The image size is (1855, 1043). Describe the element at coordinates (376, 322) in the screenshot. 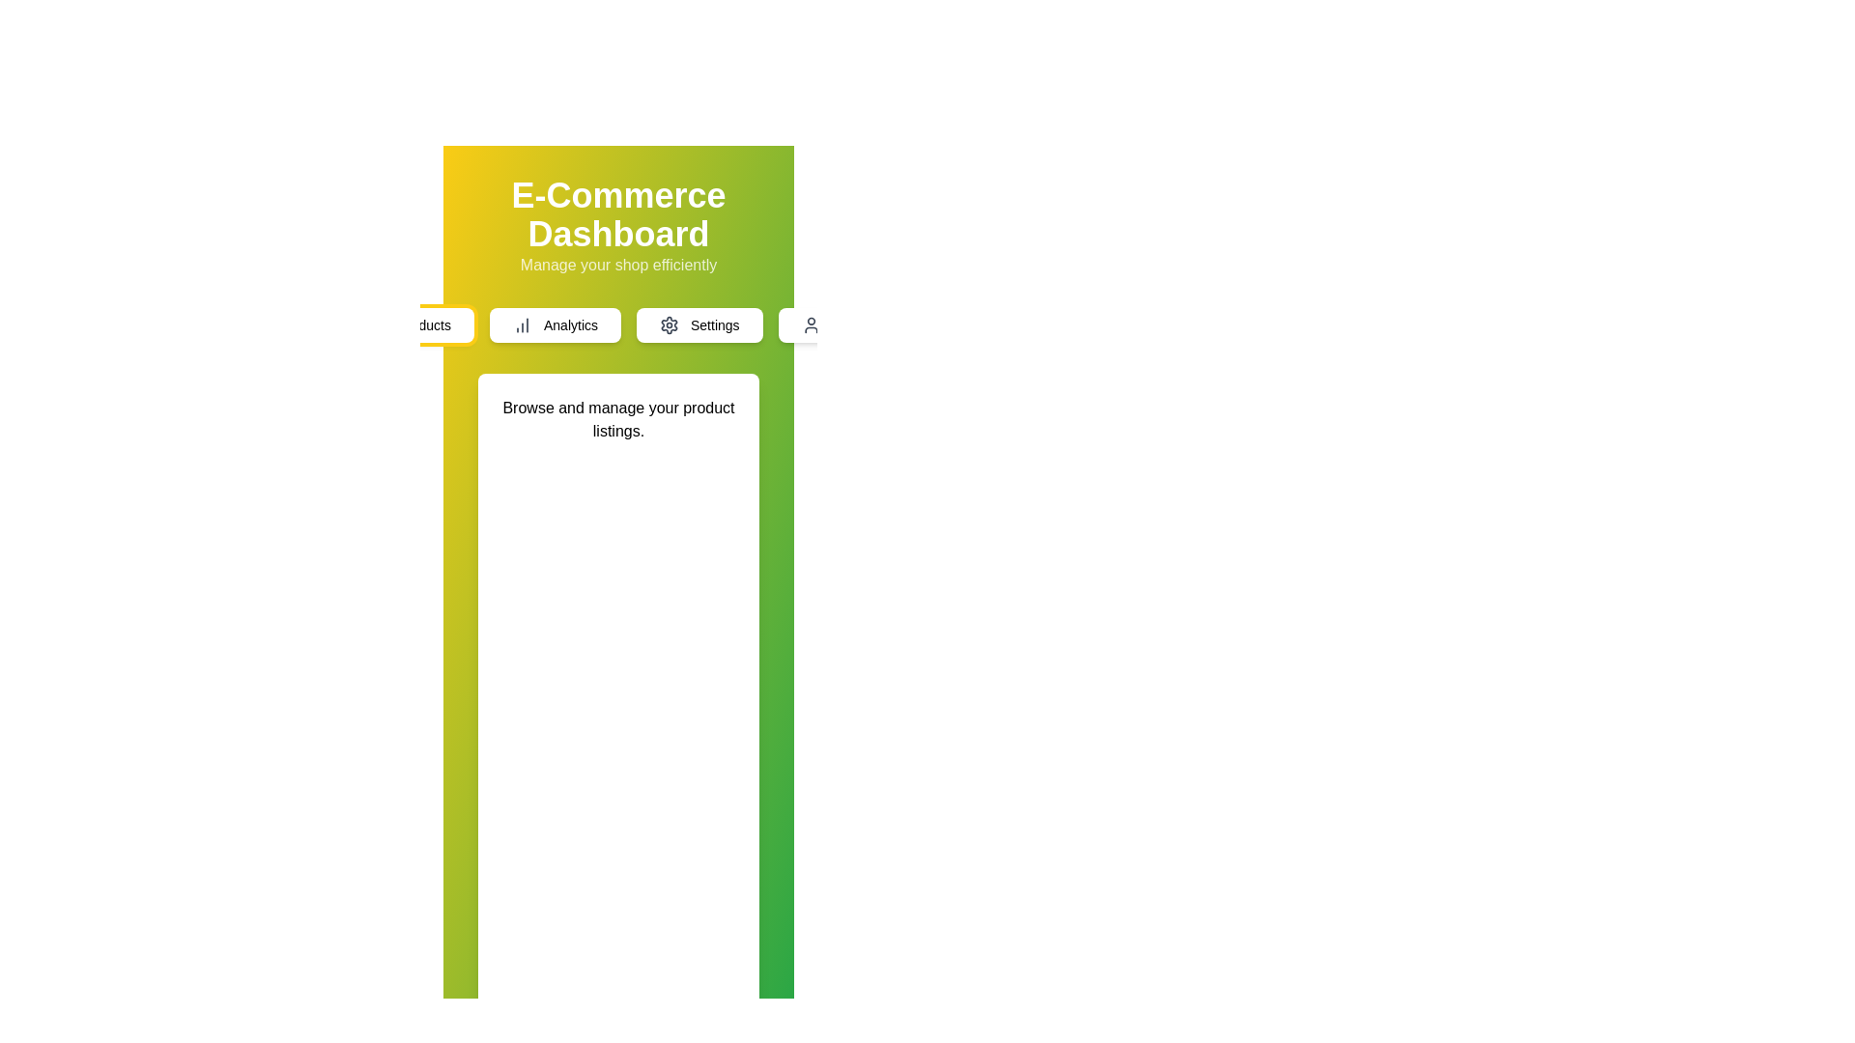

I see `the graphical details of the Shopping Cart icon located in the navigation bar, positioned to the left of the 'Products', 'Analytics', and 'Settings' buttons` at that location.